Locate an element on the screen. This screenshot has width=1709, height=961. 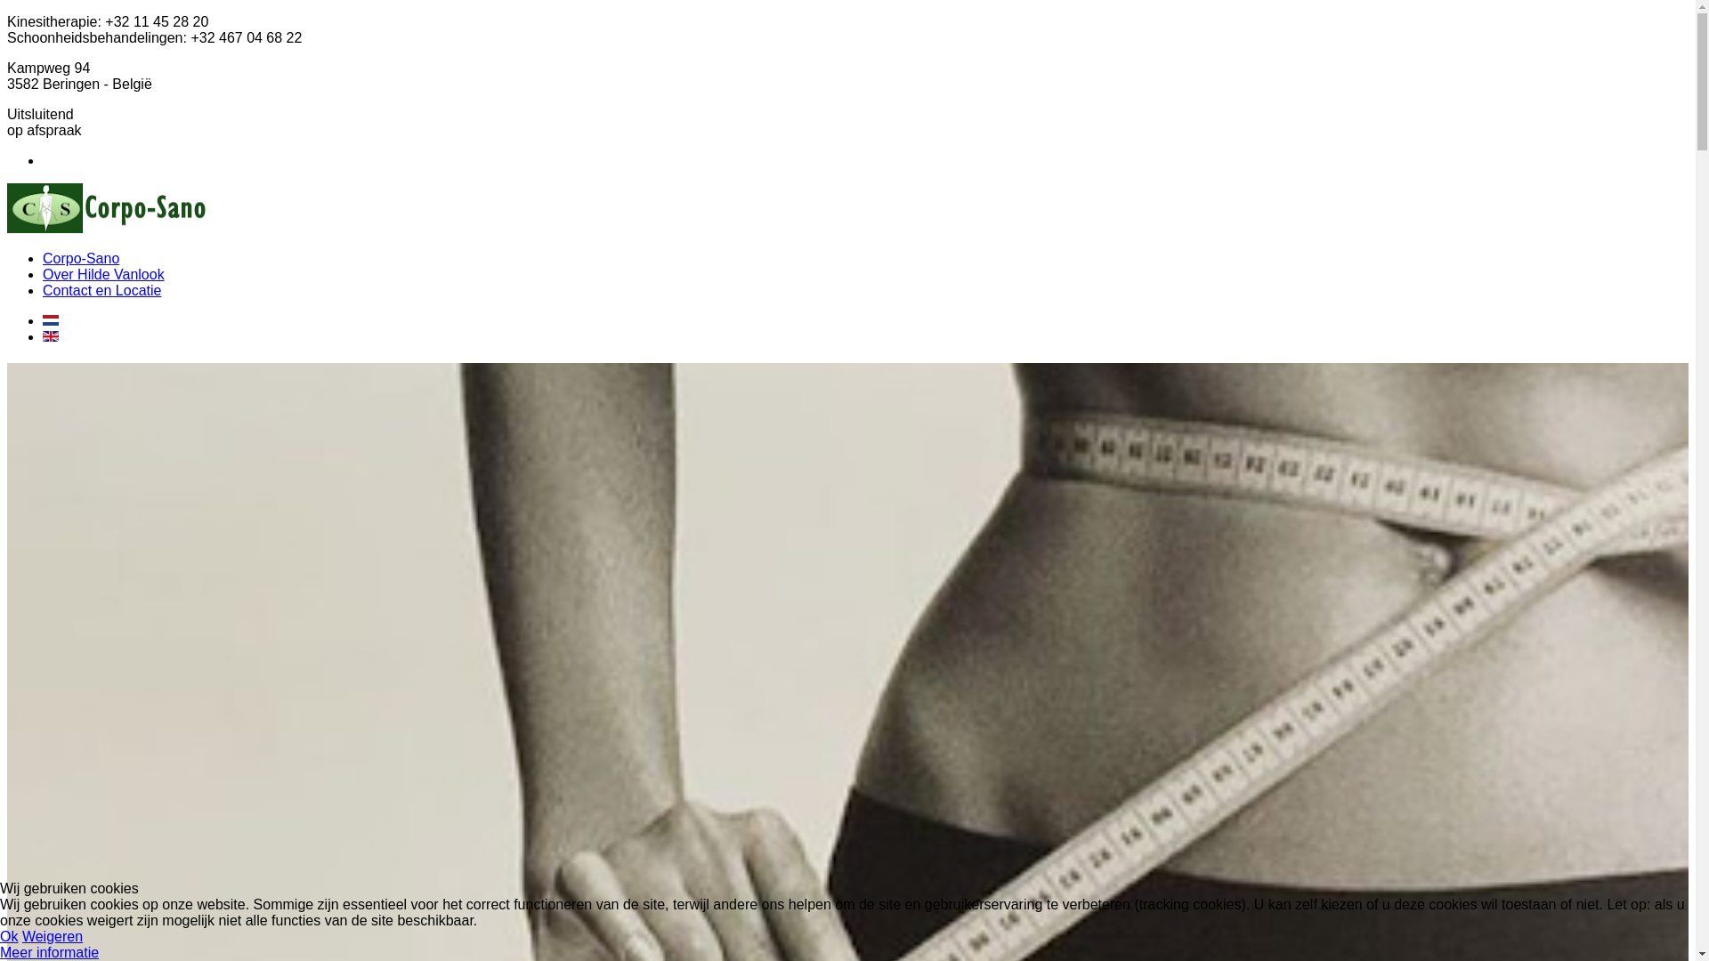
'Weigeren' is located at coordinates (52, 935).